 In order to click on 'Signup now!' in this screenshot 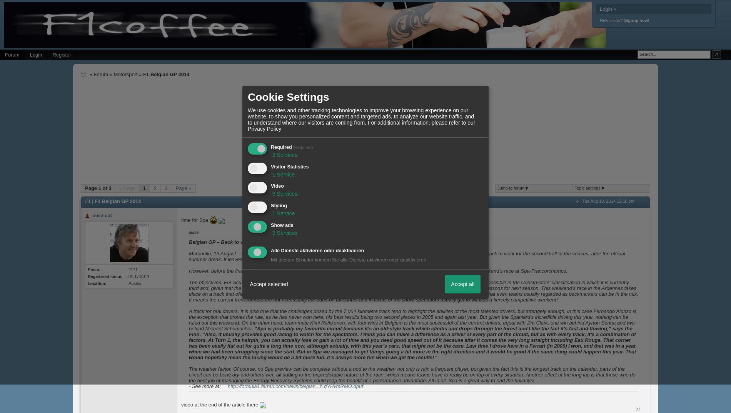, I will do `click(636, 20)`.